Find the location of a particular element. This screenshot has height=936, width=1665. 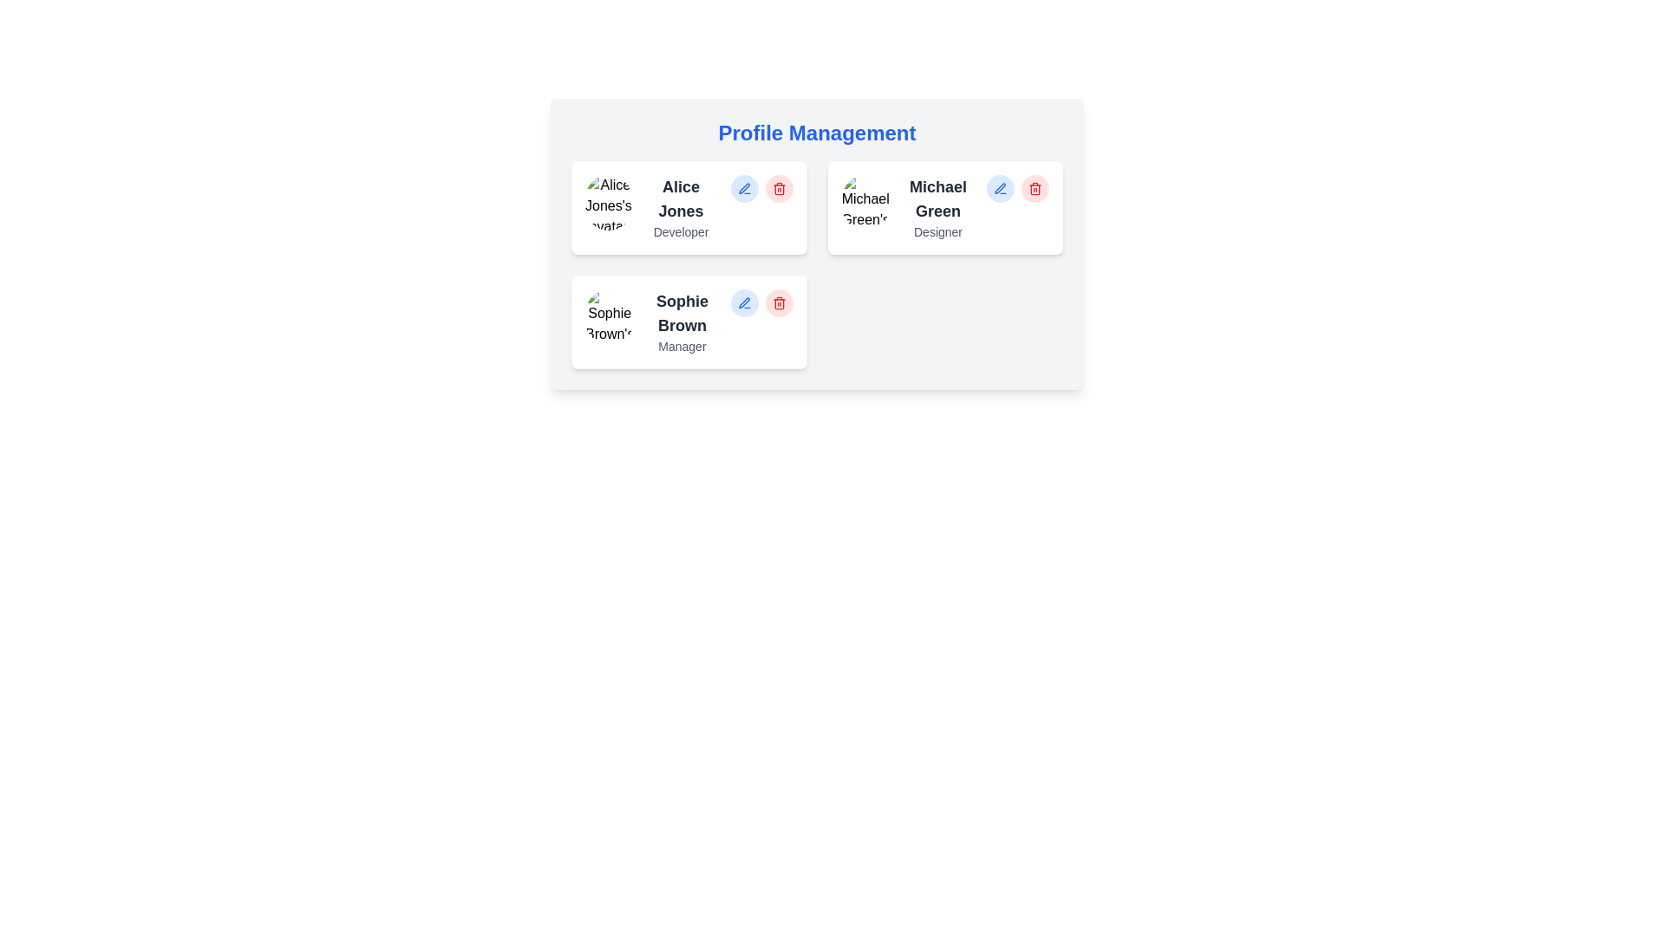

the edit button located to the right of the name and role details for Alice Jones in the first profile card of the grid to initiate editing is located at coordinates (744, 189).